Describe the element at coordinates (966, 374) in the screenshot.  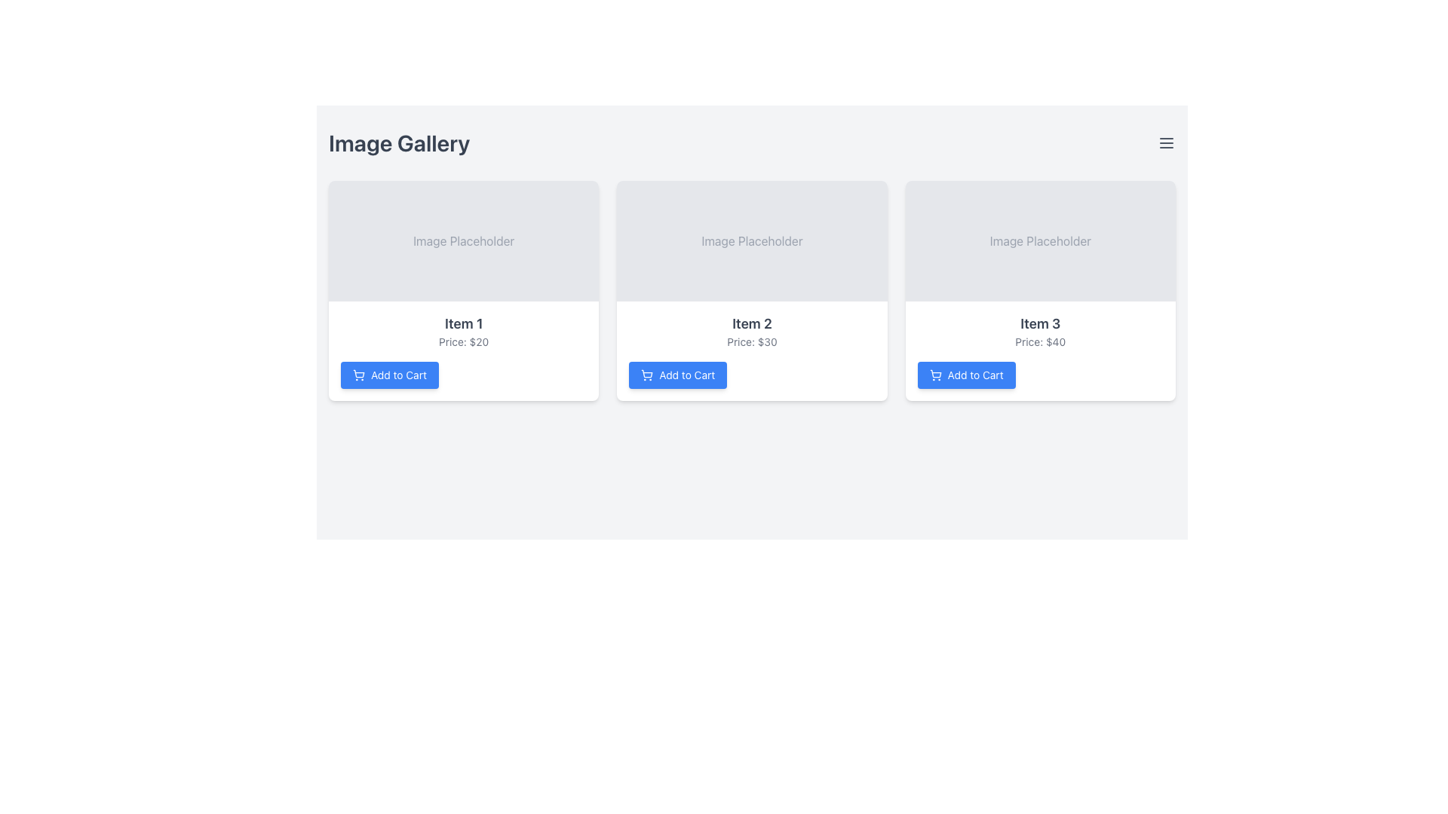
I see `the 'Add to Cart' button with a blue background and white text located below the price of '$40' for 'Item 3'` at that location.